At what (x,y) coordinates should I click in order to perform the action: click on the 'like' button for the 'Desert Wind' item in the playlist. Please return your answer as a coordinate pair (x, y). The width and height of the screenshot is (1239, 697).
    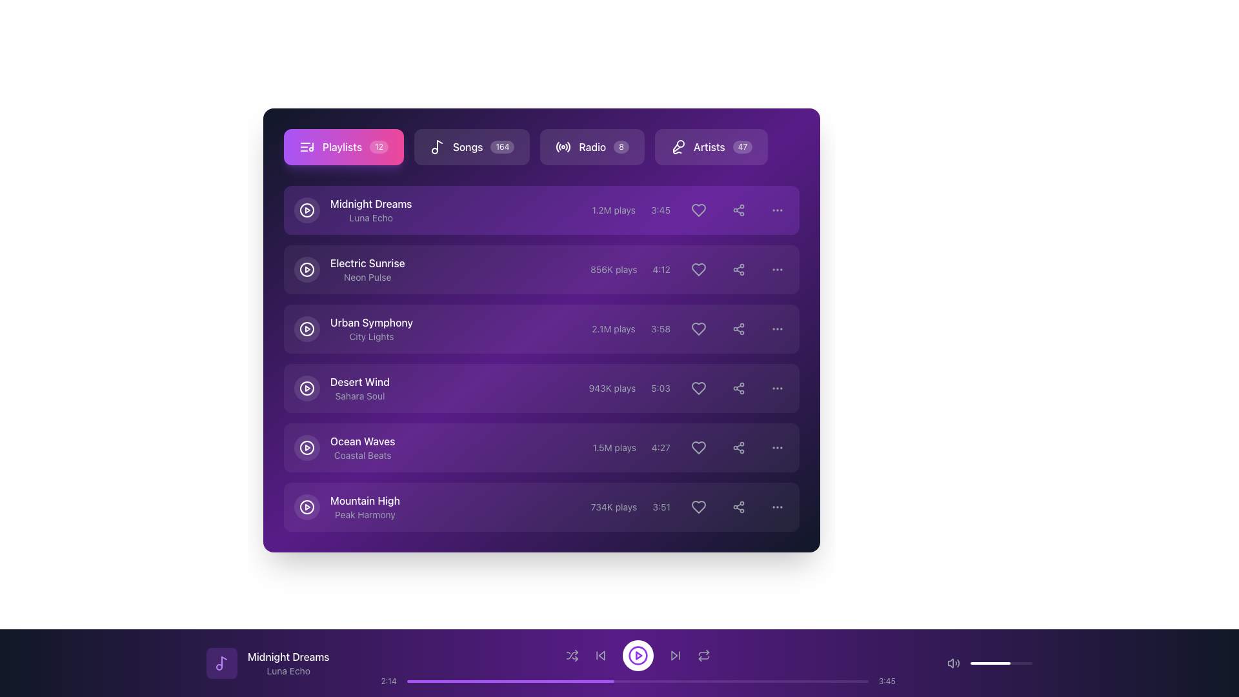
    Looking at the image, I should click on (688, 387).